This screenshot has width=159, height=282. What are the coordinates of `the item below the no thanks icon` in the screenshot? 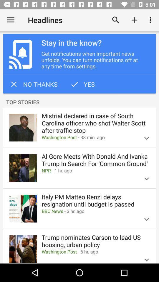 It's located at (79, 102).